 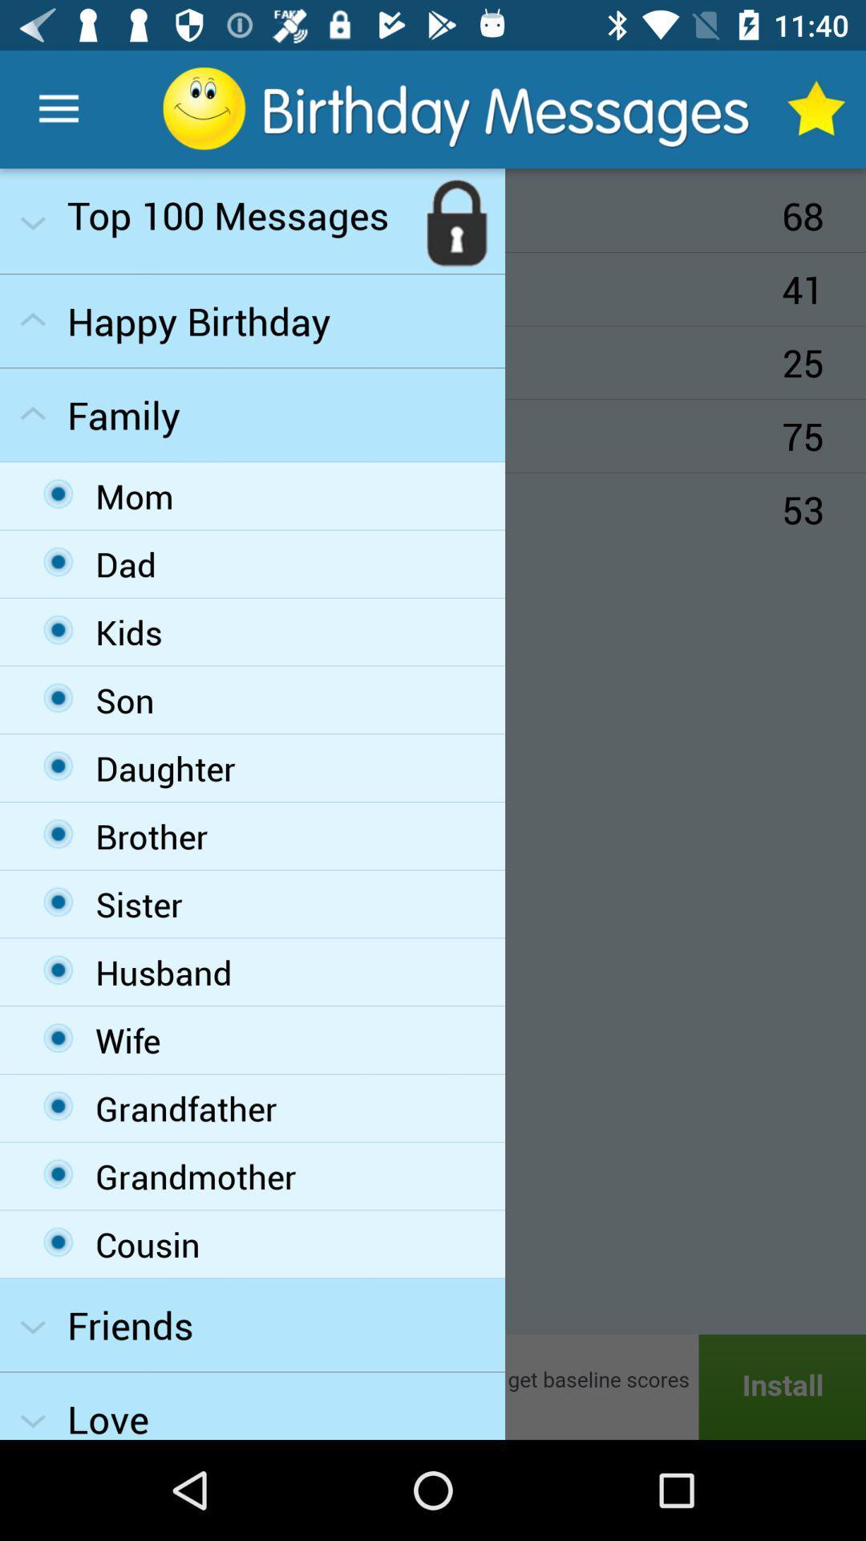 I want to click on the fourth option in the family drop down, so click(x=58, y=697).